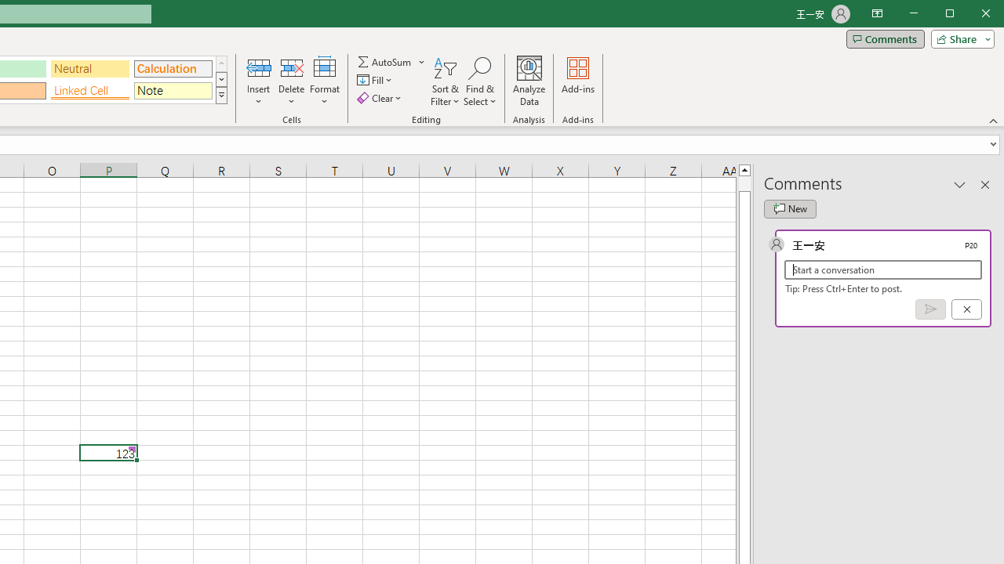 The width and height of the screenshot is (1004, 564). Describe the element at coordinates (173, 91) in the screenshot. I see `'Note'` at that location.